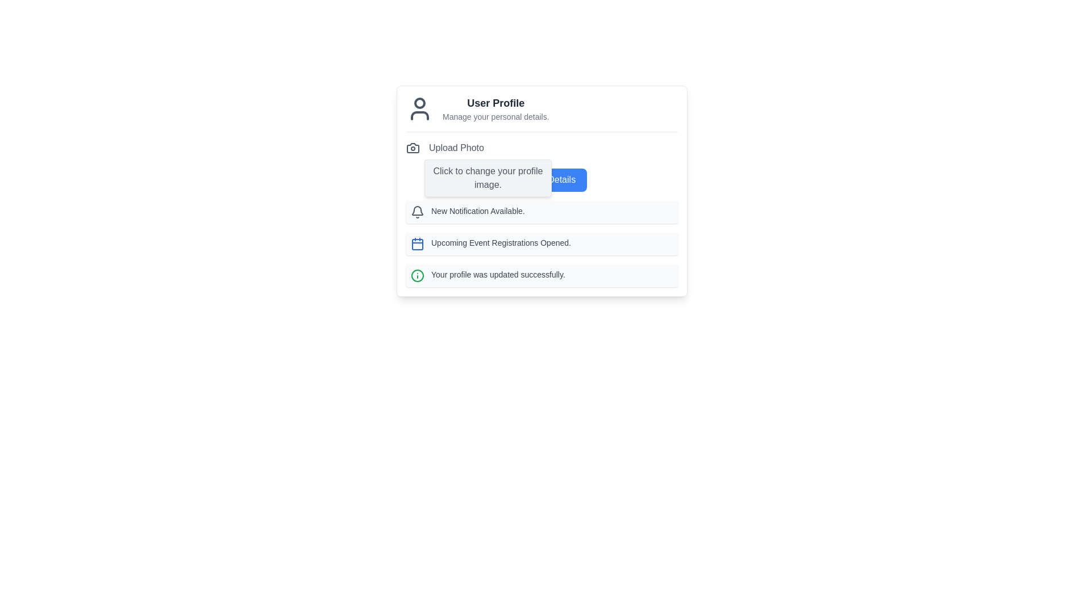  I want to click on the second notification in the vertically stacked list that informs about the opening of event registrations, so click(542, 242).